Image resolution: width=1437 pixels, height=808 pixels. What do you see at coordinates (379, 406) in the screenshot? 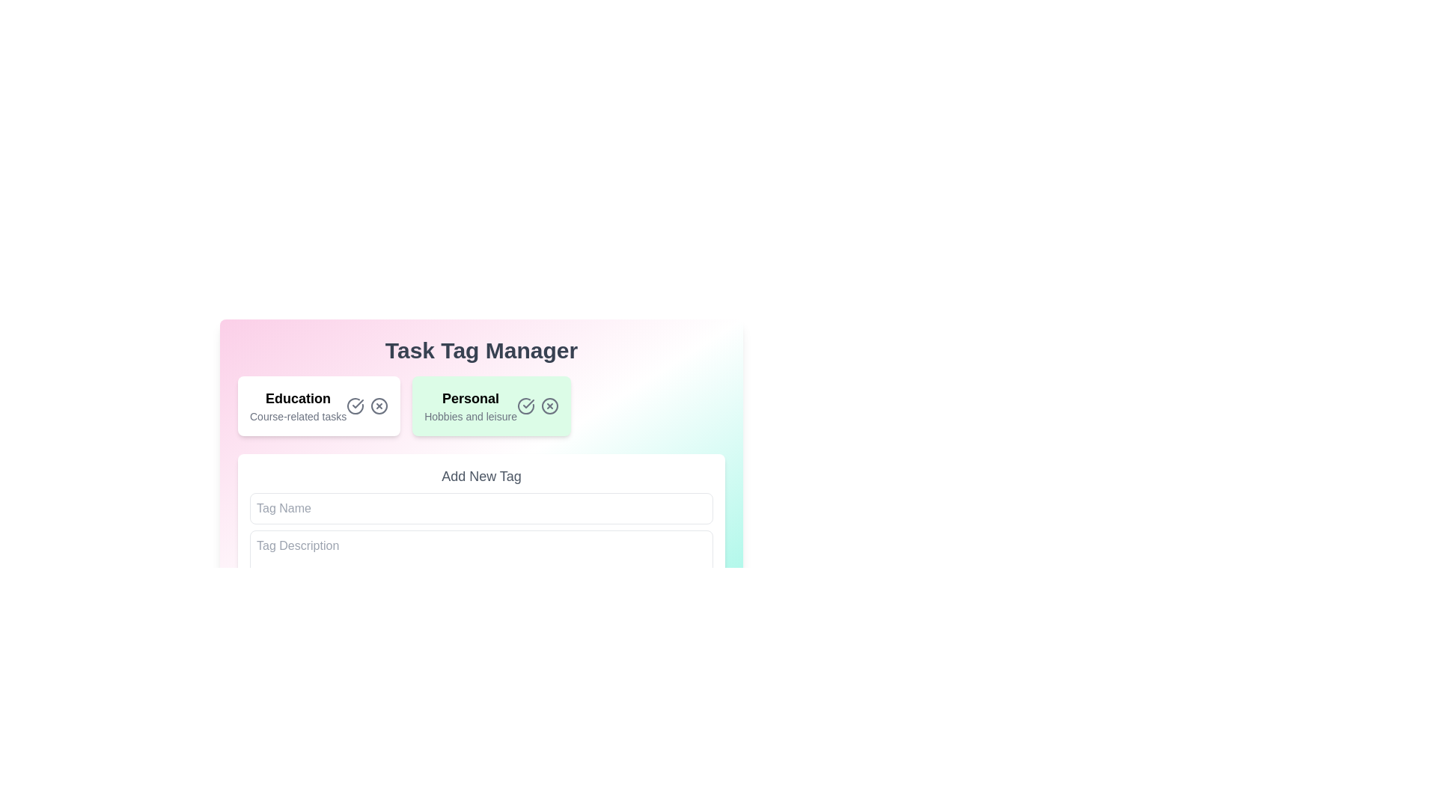
I see `the delete/remove icon located to the right of the 'Personal' tag block with a green background` at bounding box center [379, 406].